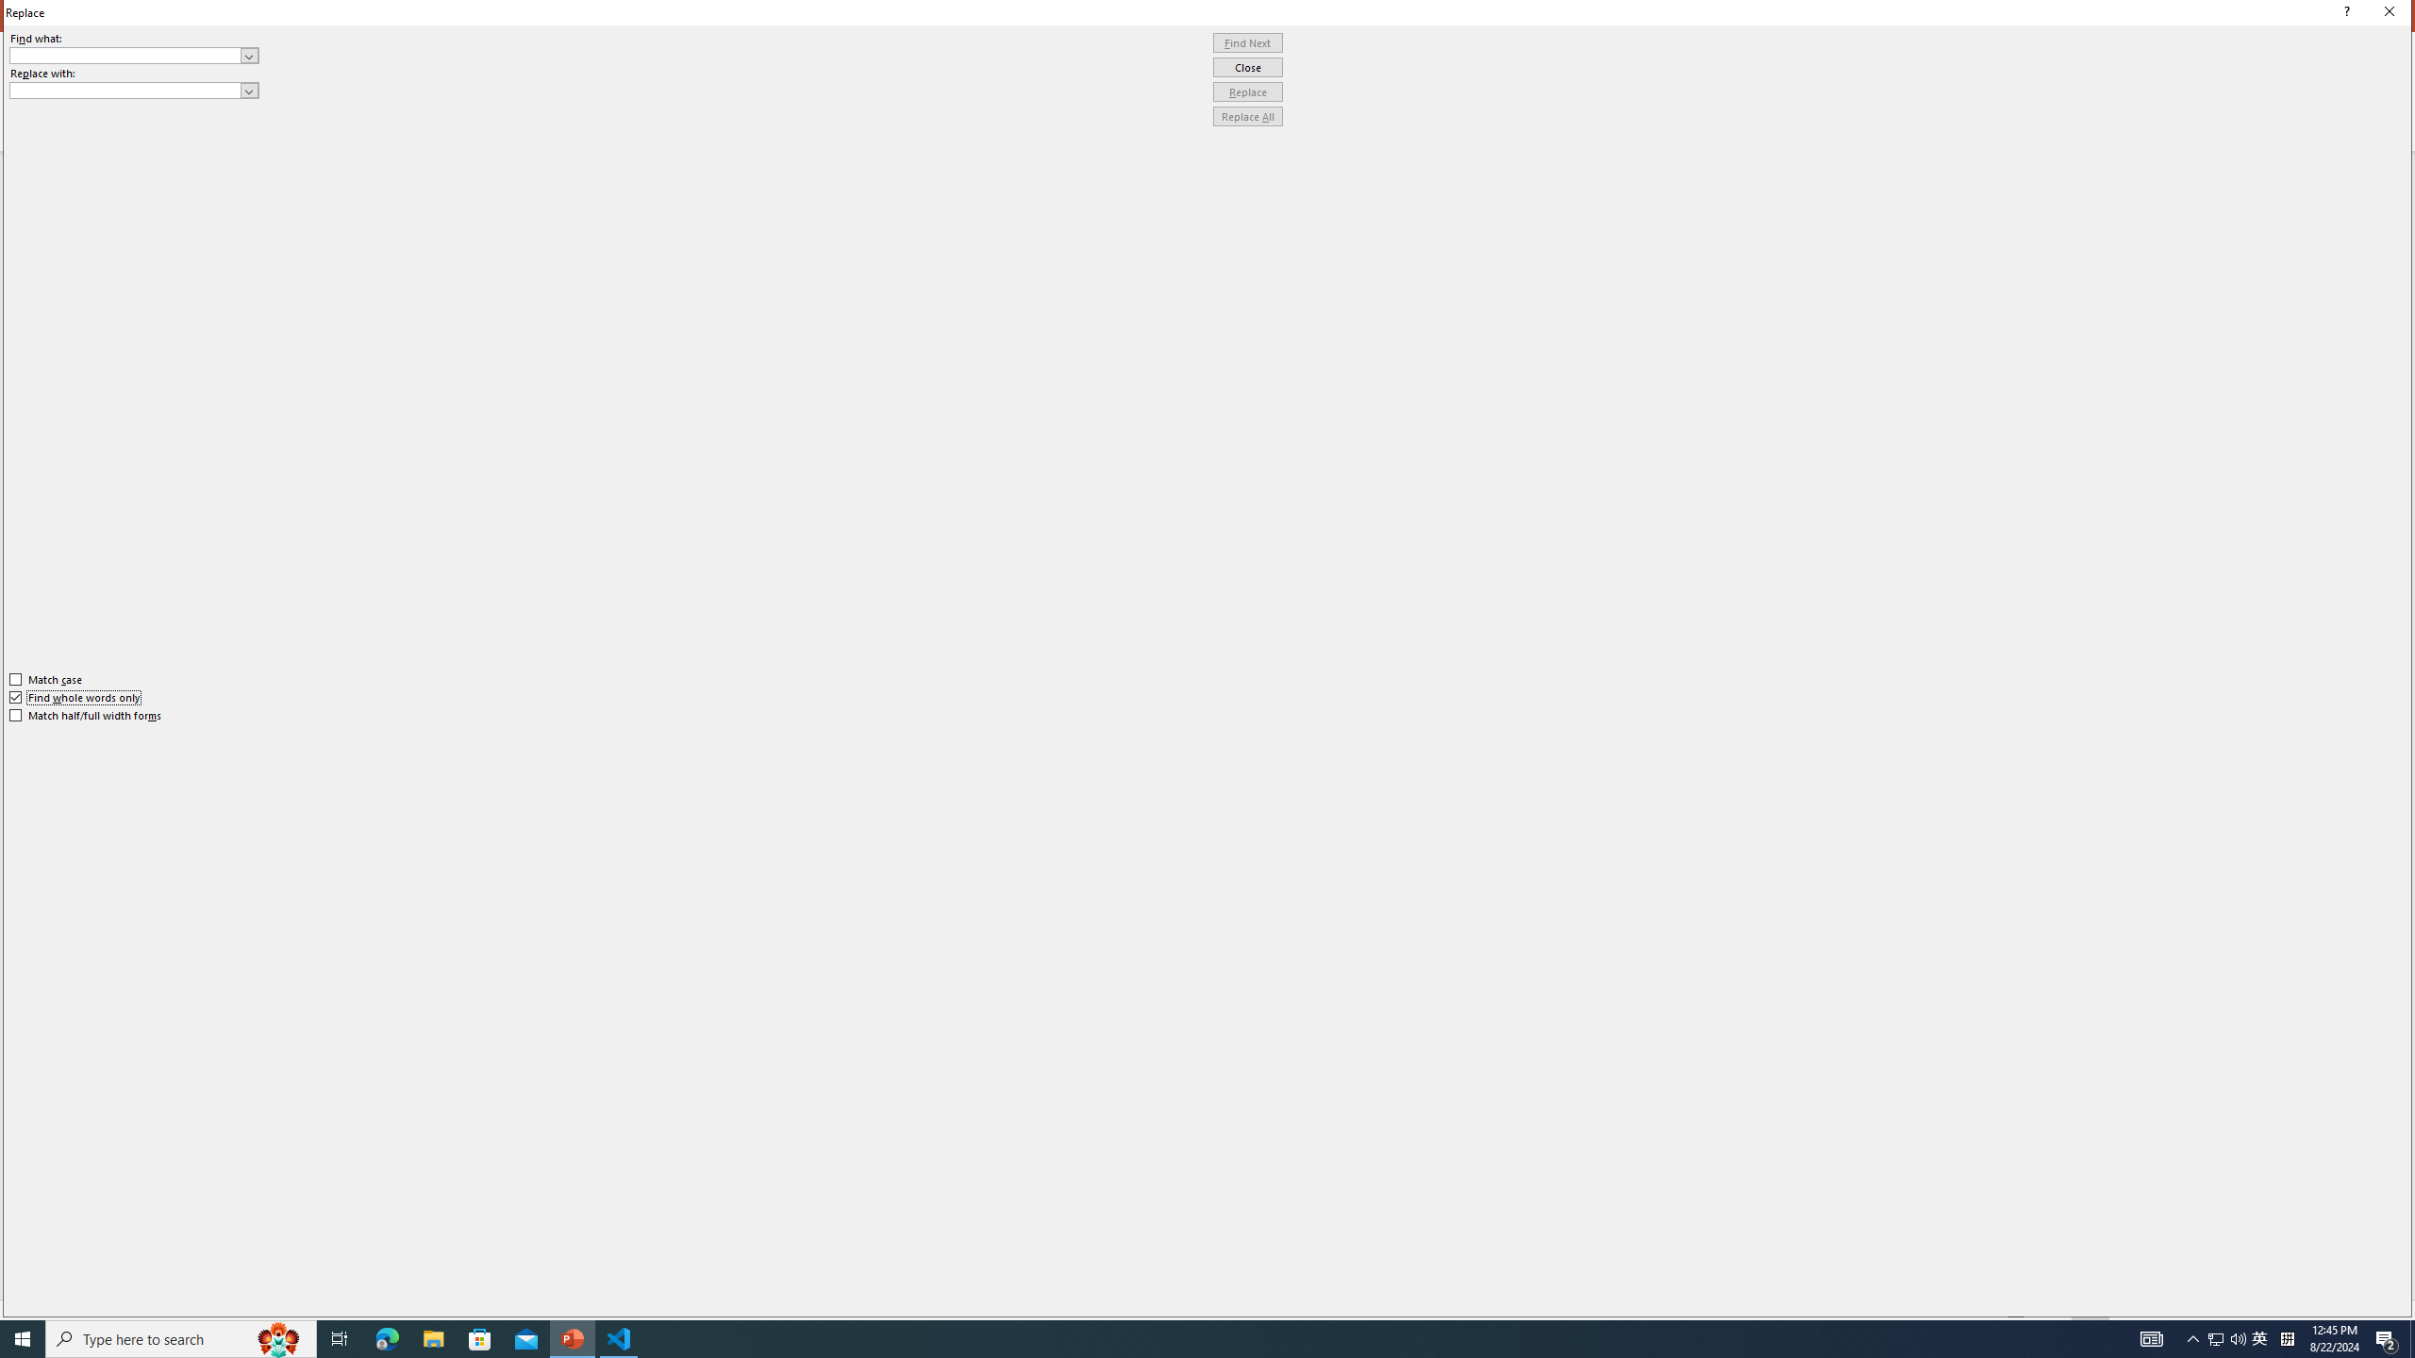 The image size is (2415, 1358). Describe the element at coordinates (1247, 42) in the screenshot. I see `'Find Next'` at that location.